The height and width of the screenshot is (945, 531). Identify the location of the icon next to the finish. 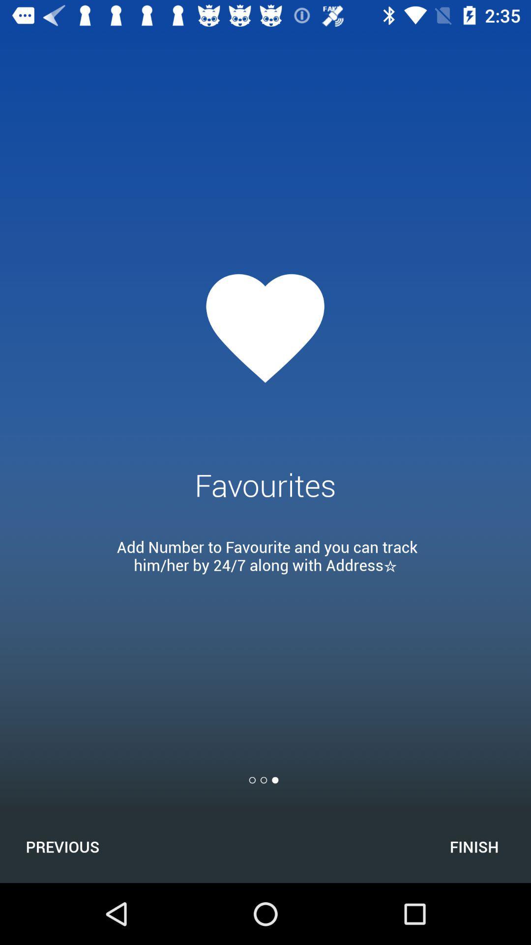
(62, 846).